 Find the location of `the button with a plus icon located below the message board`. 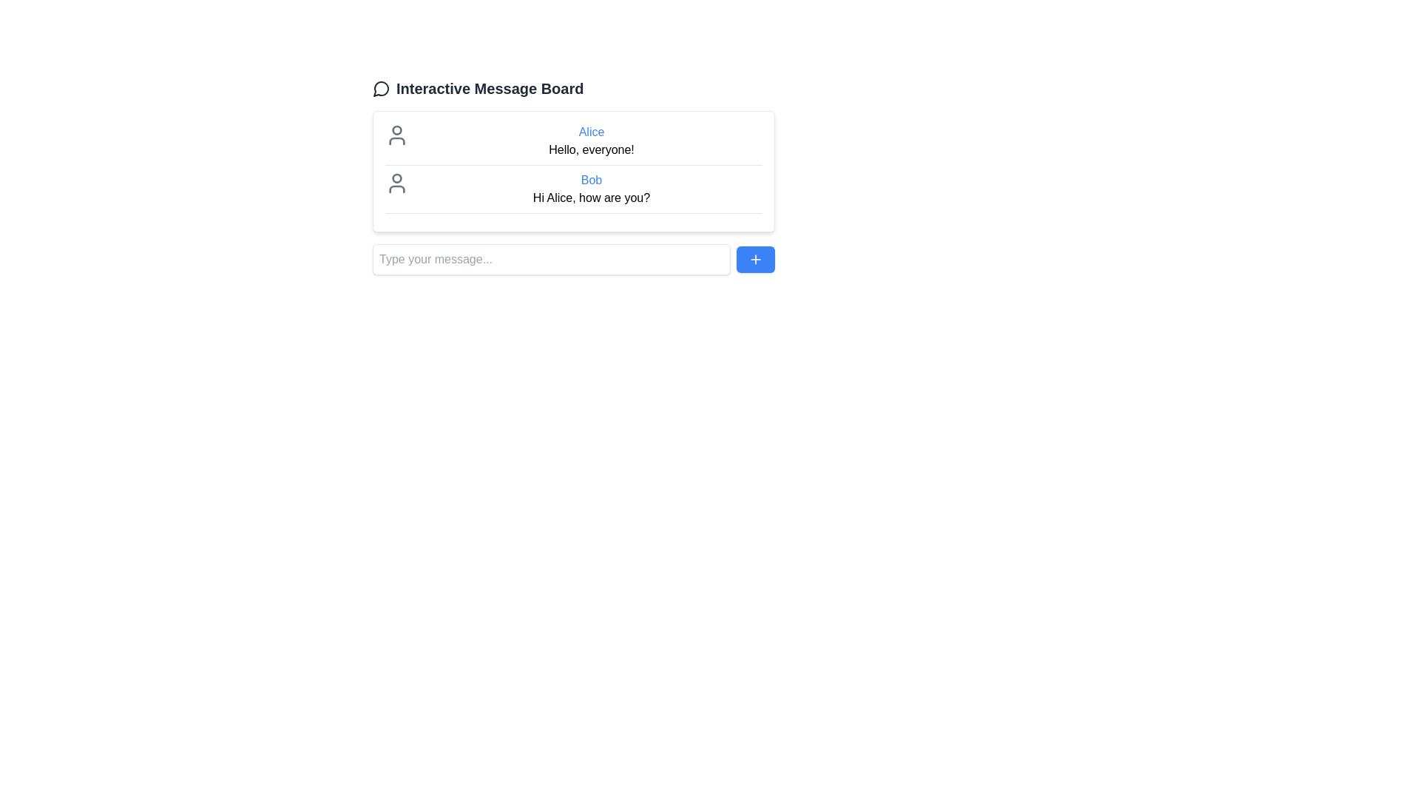

the button with a plus icon located below the message board is located at coordinates (756, 259).